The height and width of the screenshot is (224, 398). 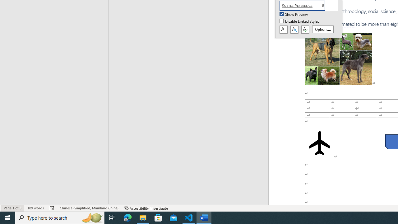 What do you see at coordinates (52, 208) in the screenshot?
I see `'Spelling and Grammar Check Errors'` at bounding box center [52, 208].